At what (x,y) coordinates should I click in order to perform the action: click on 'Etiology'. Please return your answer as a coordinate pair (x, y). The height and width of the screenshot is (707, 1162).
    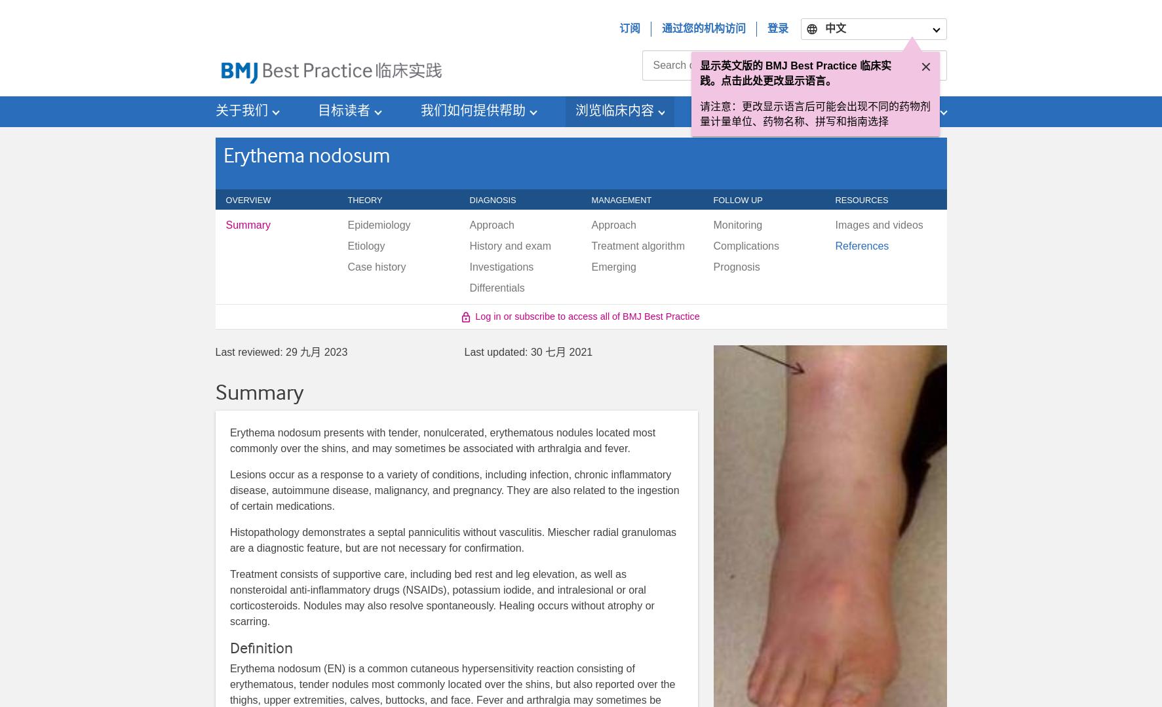
    Looking at the image, I should click on (366, 245).